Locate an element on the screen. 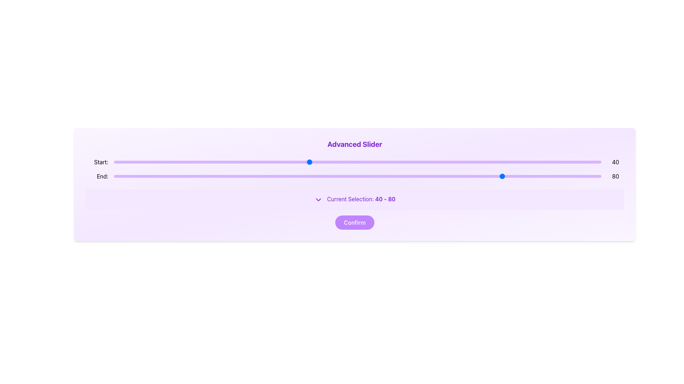 This screenshot has width=684, height=384. the advanced slider is located at coordinates (547, 162).